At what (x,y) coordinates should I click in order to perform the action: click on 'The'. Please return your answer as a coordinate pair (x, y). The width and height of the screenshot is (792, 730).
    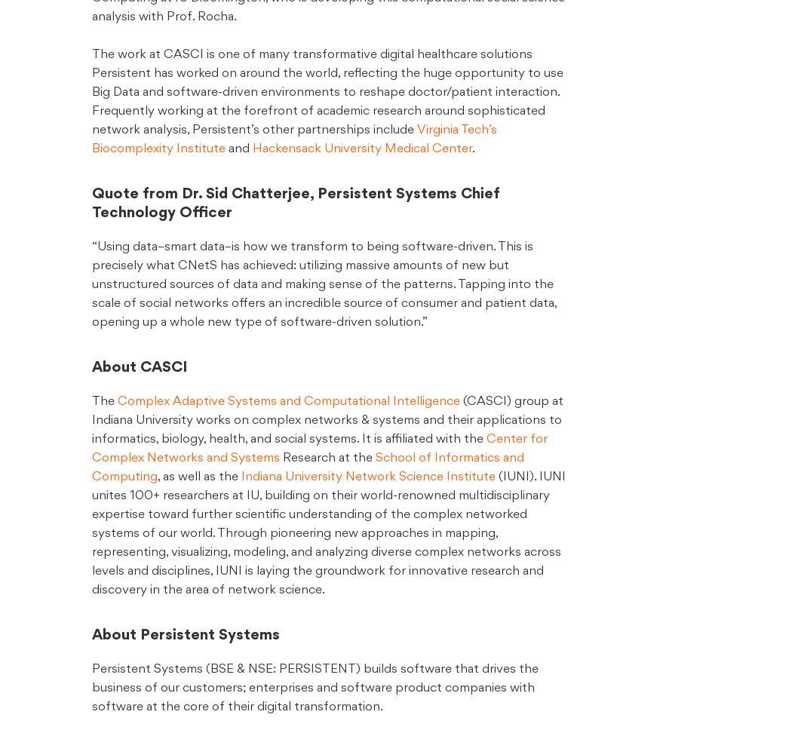
    Looking at the image, I should click on (104, 400).